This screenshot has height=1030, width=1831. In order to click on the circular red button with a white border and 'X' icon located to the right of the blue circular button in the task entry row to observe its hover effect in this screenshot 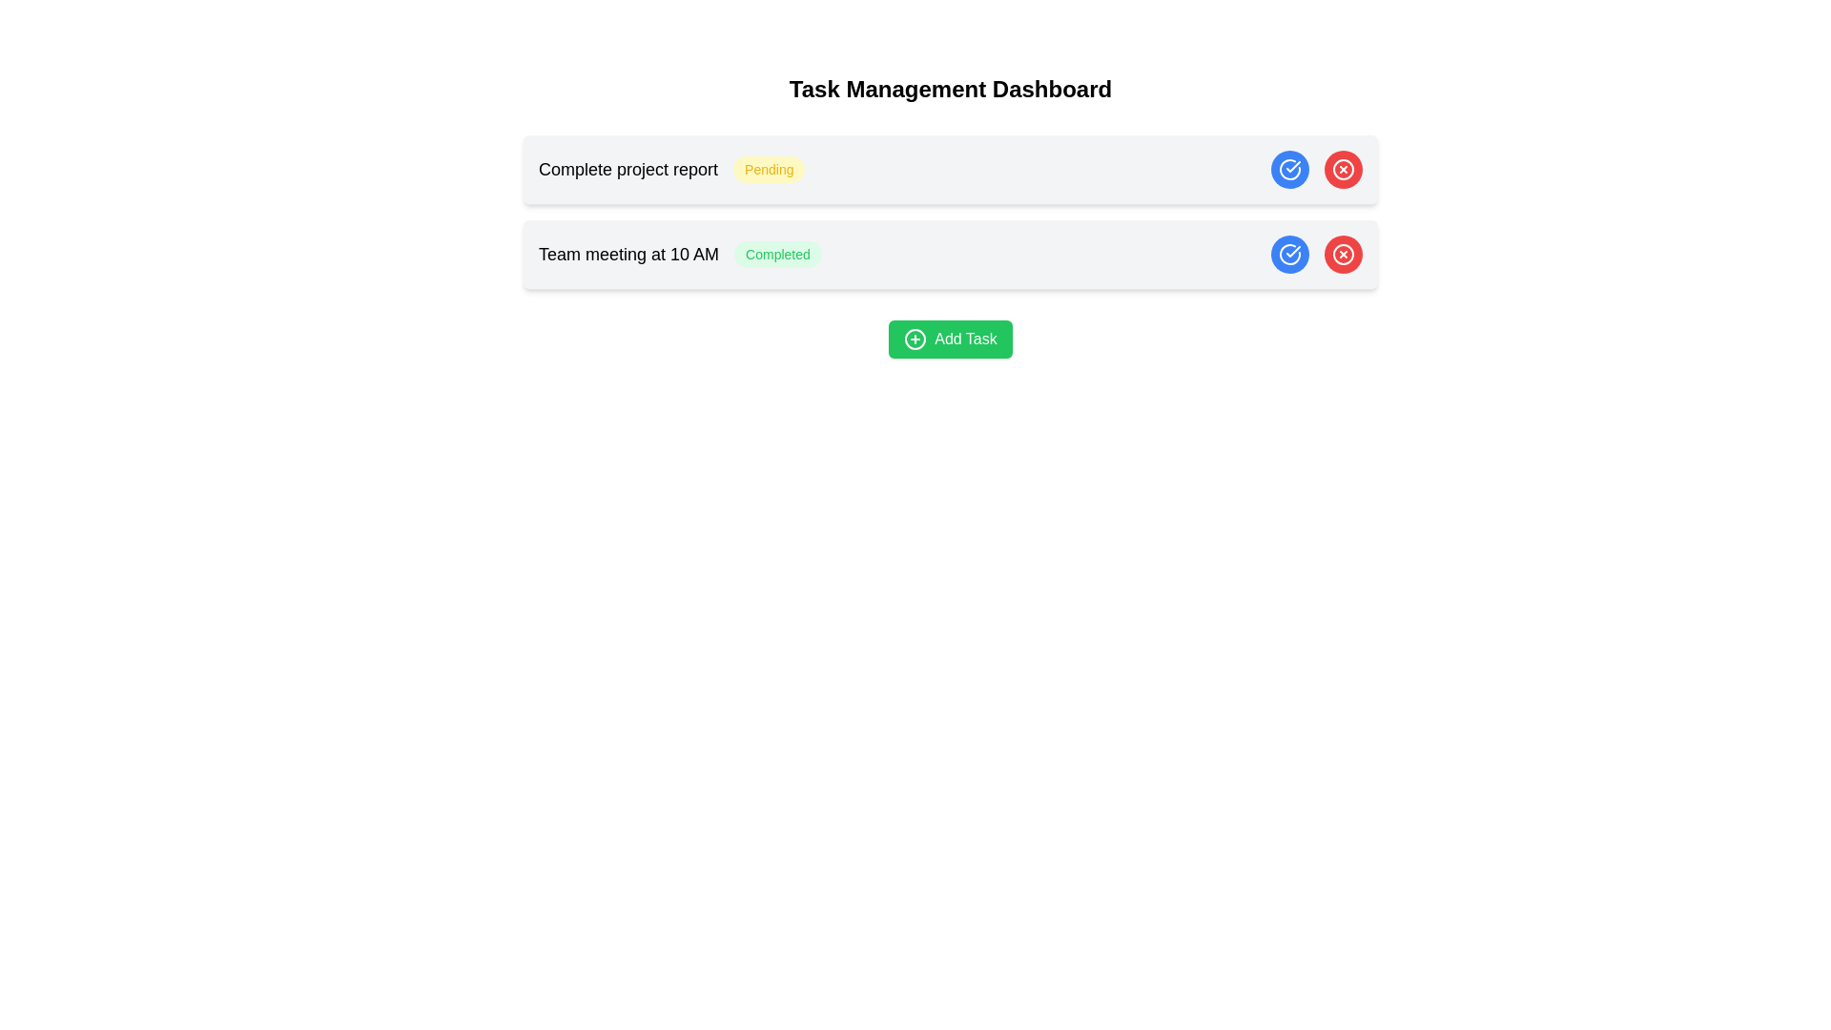, I will do `click(1343, 253)`.